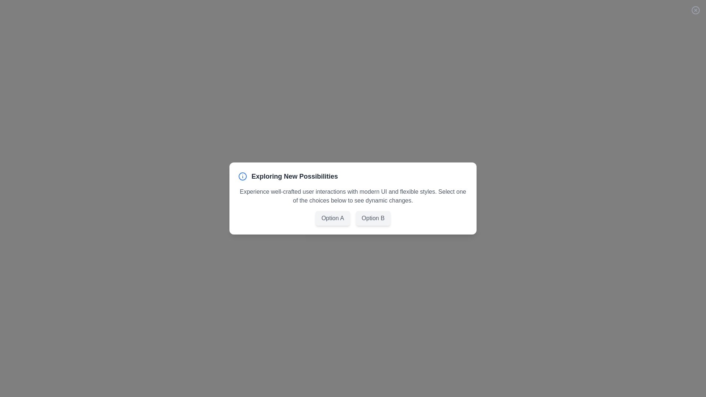  I want to click on the info icon in the header of the dialog, so click(243, 176).